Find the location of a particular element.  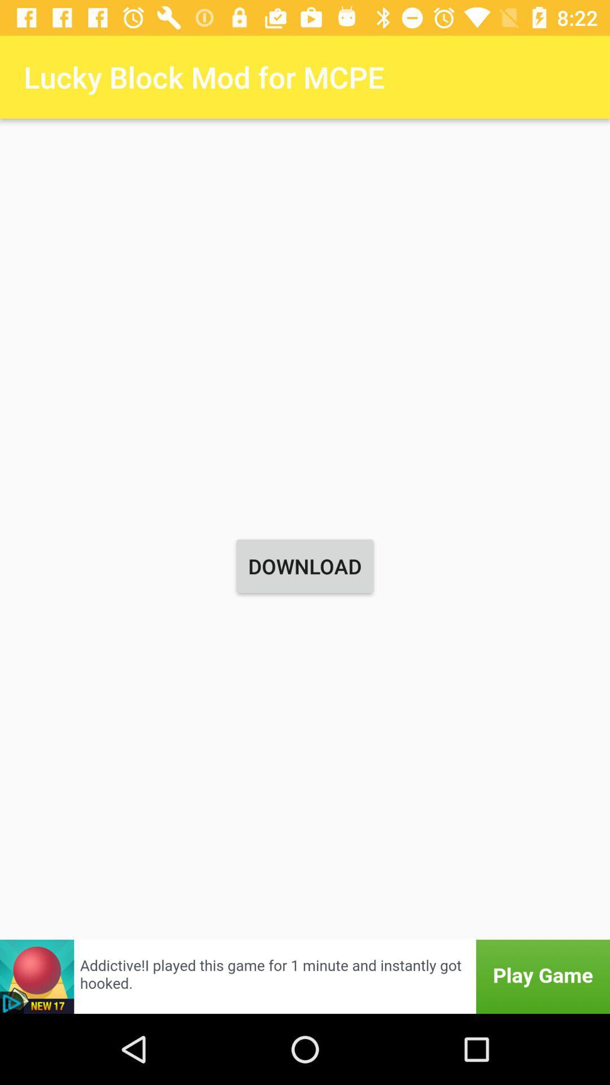

advertisement is located at coordinates (305, 976).